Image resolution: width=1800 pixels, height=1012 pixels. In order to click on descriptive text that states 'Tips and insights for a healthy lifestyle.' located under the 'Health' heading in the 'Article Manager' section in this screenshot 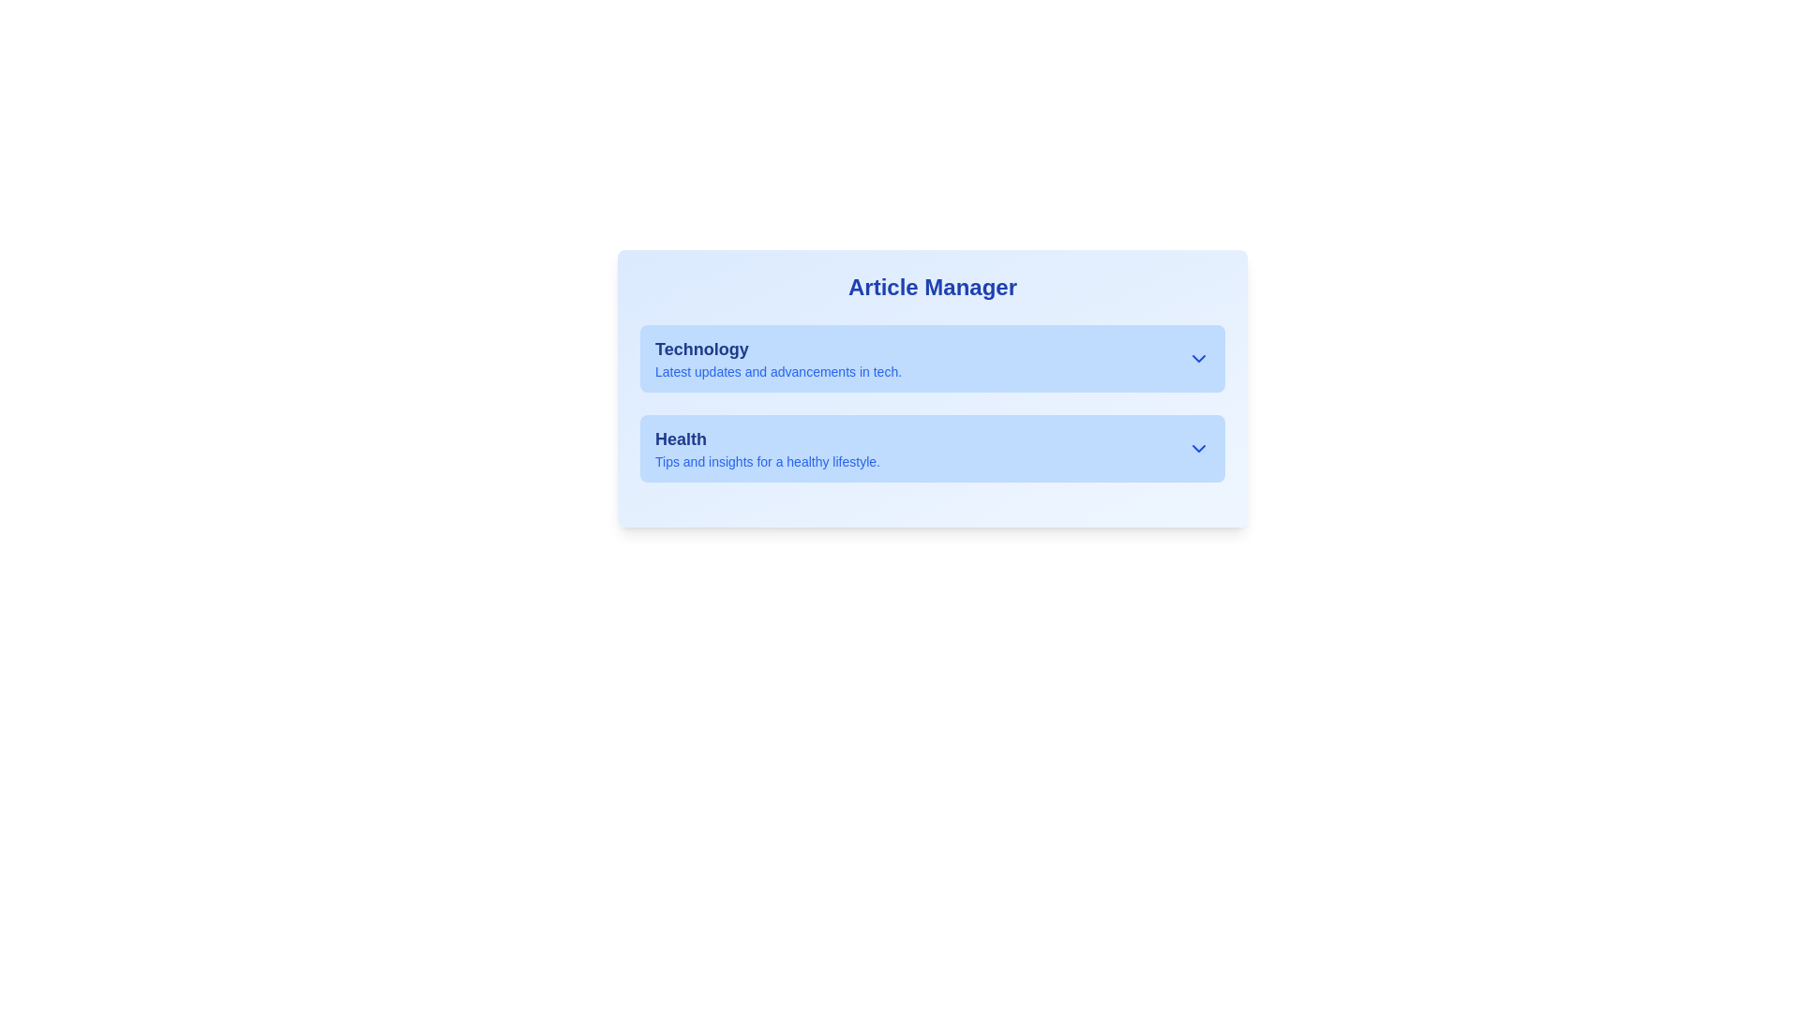, I will do `click(767, 462)`.